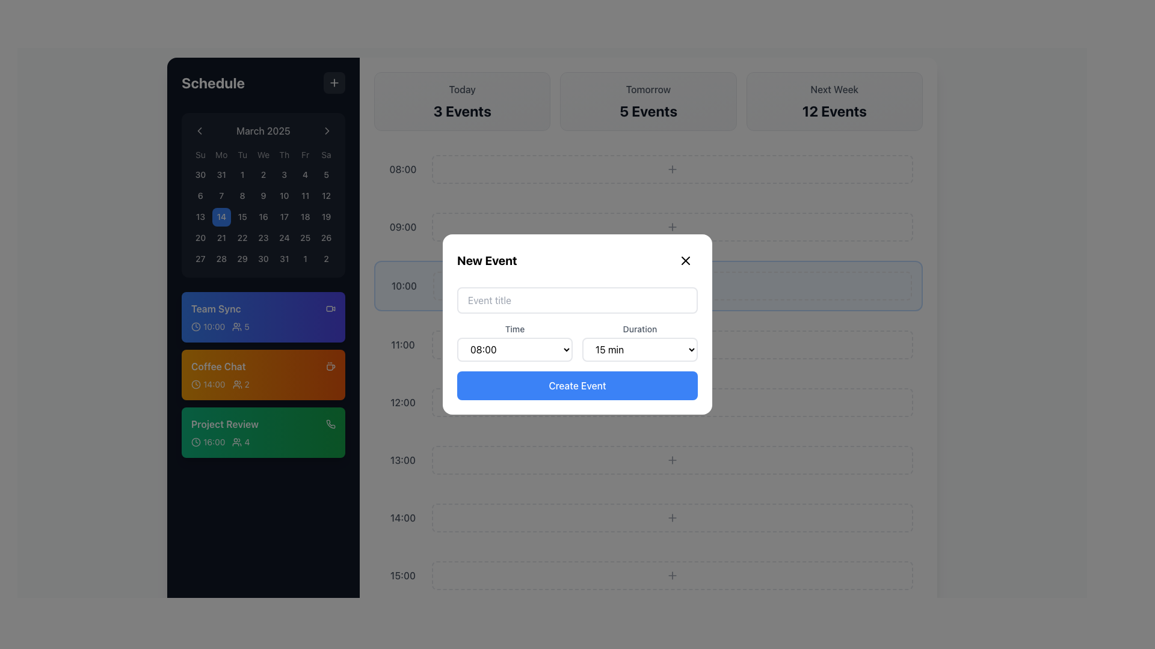  I want to click on the button labeled '2' in the bottom-right corner of the calendar interface, so click(326, 258).